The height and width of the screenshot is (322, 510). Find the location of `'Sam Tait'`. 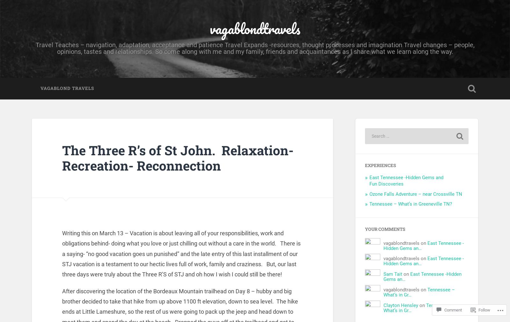

'Sam Tait' is located at coordinates (392, 274).